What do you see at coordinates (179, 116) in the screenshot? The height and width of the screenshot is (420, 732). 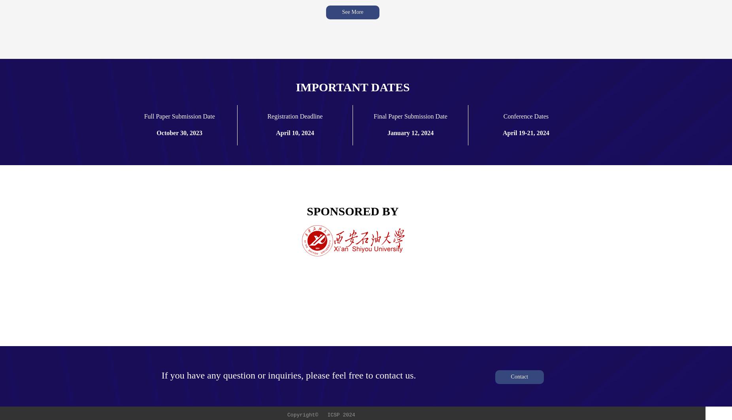 I see `'Full Paper Submission Date'` at bounding box center [179, 116].